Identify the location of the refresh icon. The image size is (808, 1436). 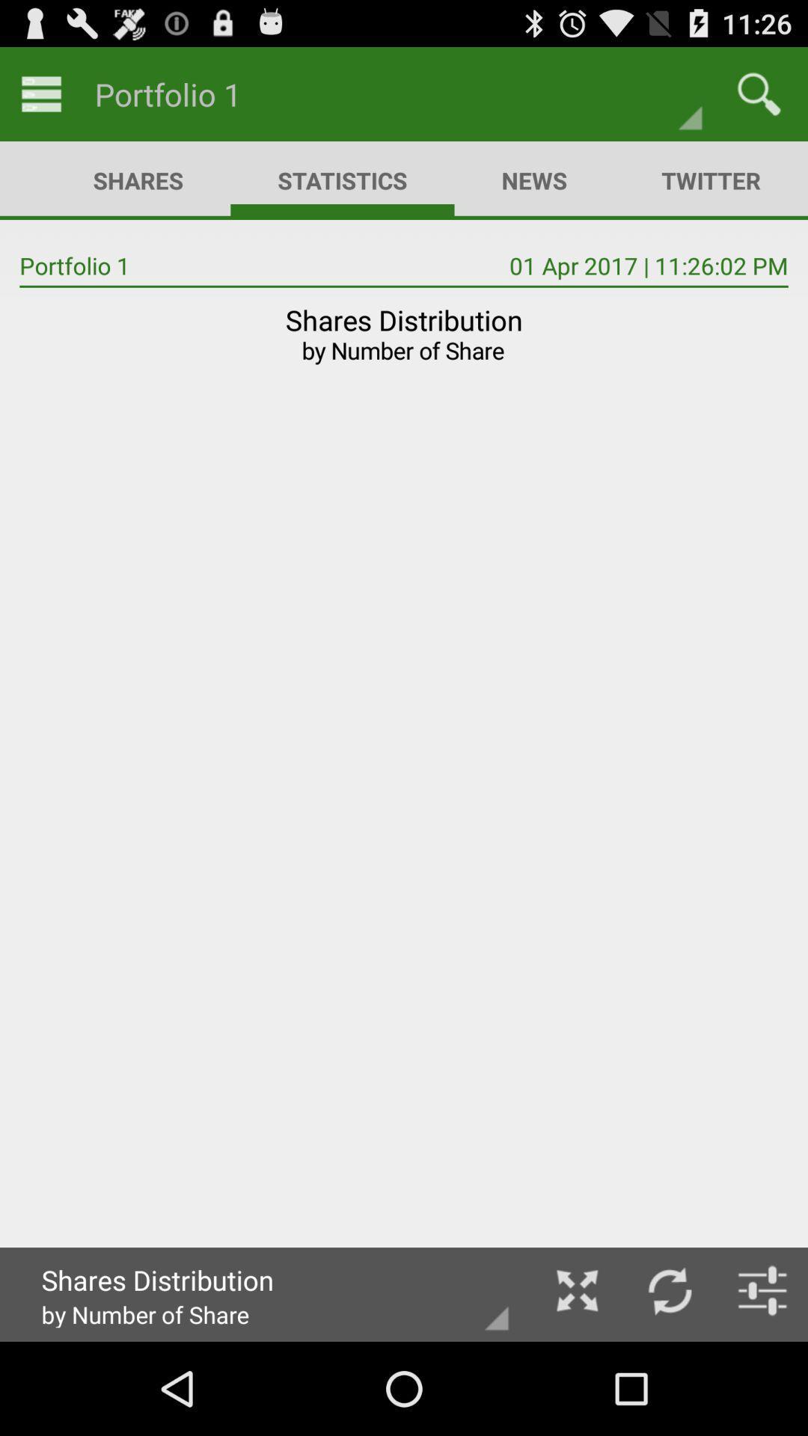
(669, 1381).